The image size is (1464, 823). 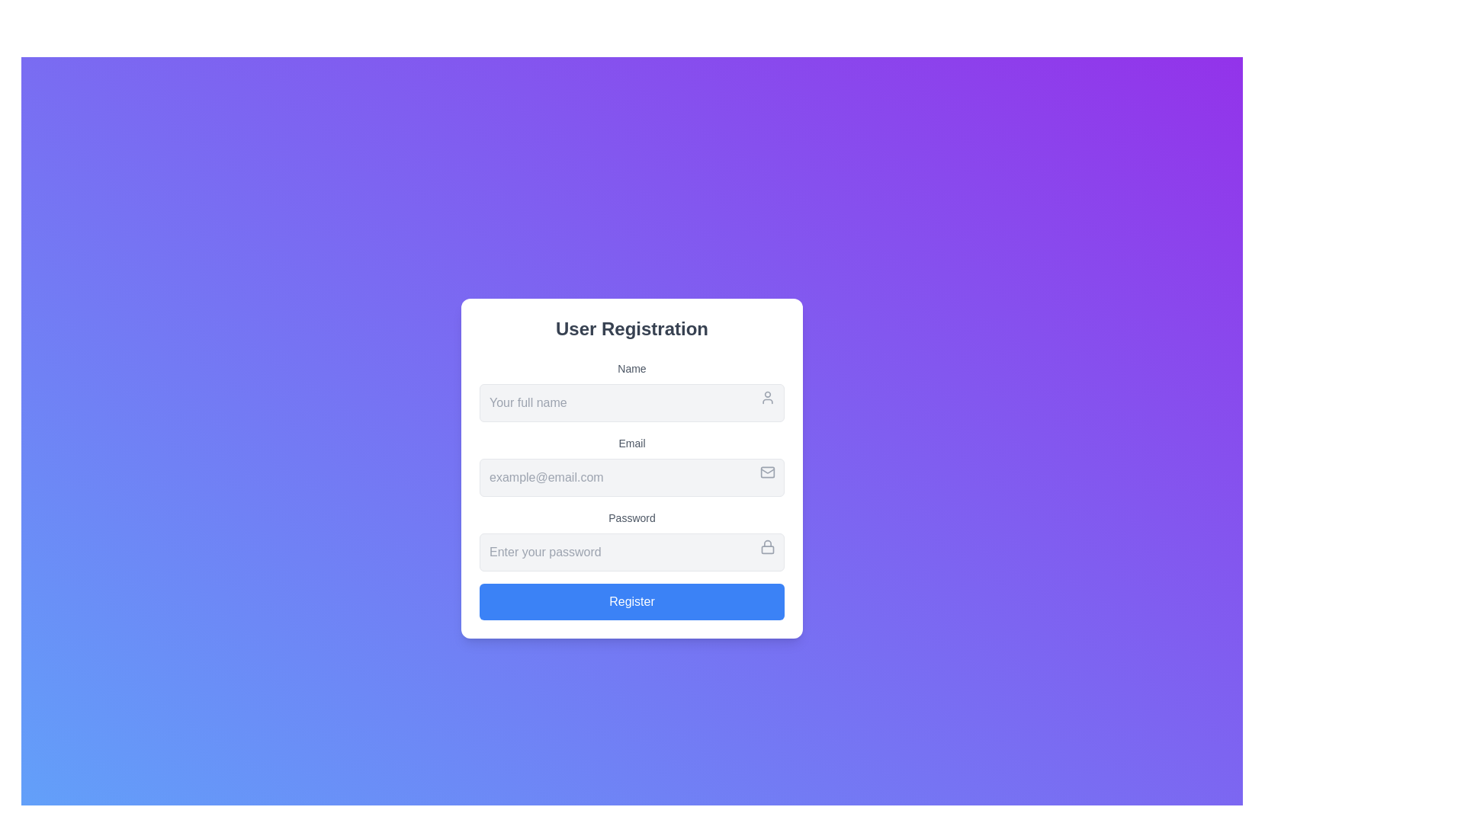 I want to click on the profile picture icon, which is a gray outline of a head and shoulders located inside the 'Name' input field of the user registration form on the right side of the input box, so click(x=768, y=396).